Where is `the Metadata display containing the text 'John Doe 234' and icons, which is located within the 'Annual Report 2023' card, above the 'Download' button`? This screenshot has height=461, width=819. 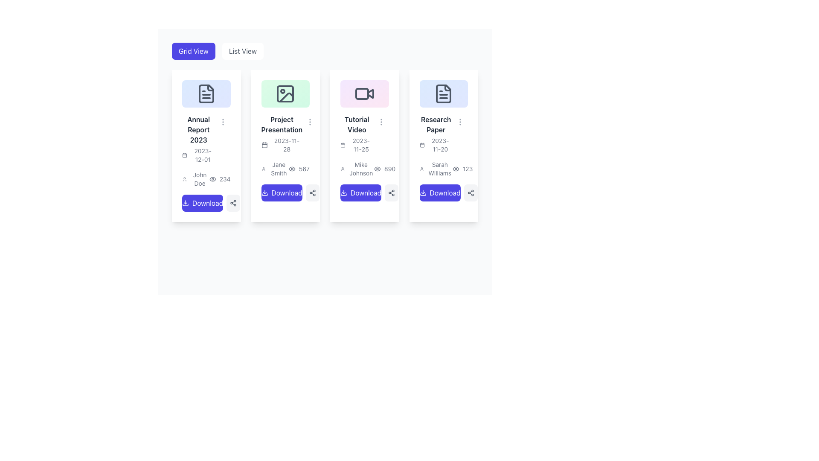
the Metadata display containing the text 'John Doe 234' and icons, which is located within the 'Annual Report 2023' card, above the 'Download' button is located at coordinates (206, 178).